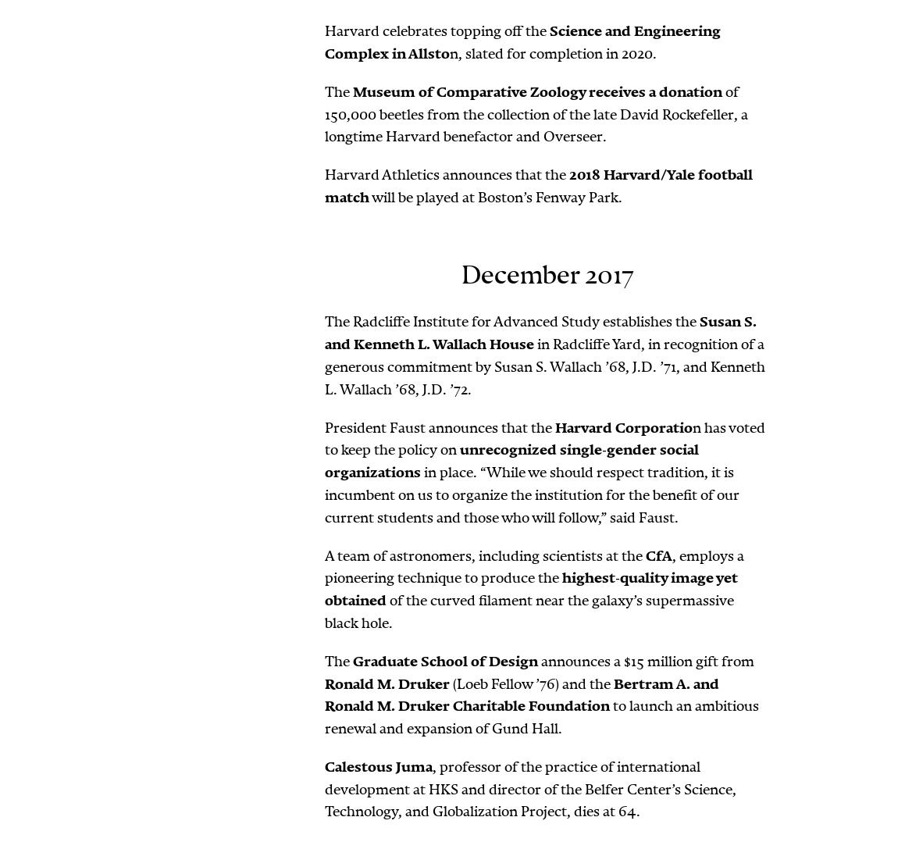 The image size is (898, 842). What do you see at coordinates (531, 683) in the screenshot?
I see `'(Loeb Fellow ’76) and the'` at bounding box center [531, 683].